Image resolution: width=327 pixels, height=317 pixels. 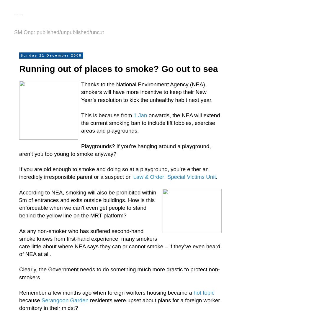 I want to click on 'Thanks to the National Environment Agency (NEA), smokers will have more incentive to keep their New Year’s resolution to kick the unhealthy habit next year.', so click(x=147, y=92).